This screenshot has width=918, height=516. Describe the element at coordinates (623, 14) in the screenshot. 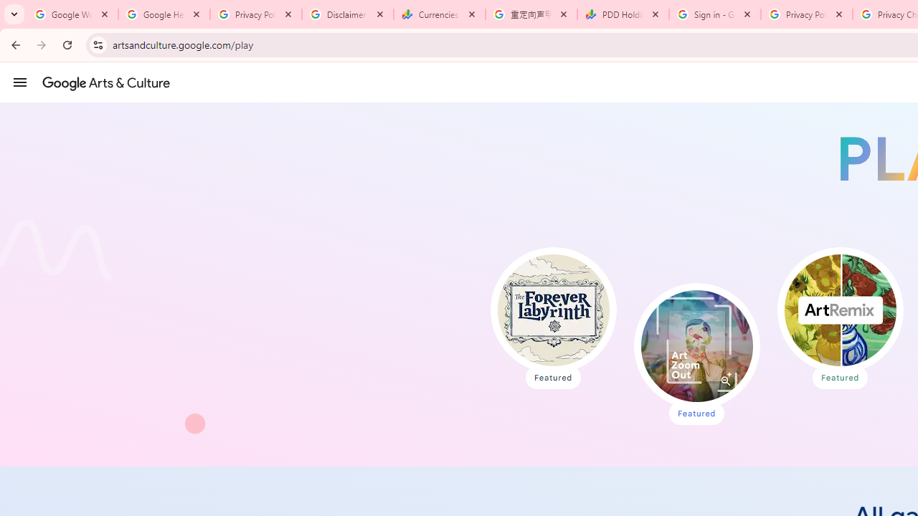

I see `'PDD Holdings Inc - ADR (PDD) Price & News - Google Finance'` at that location.